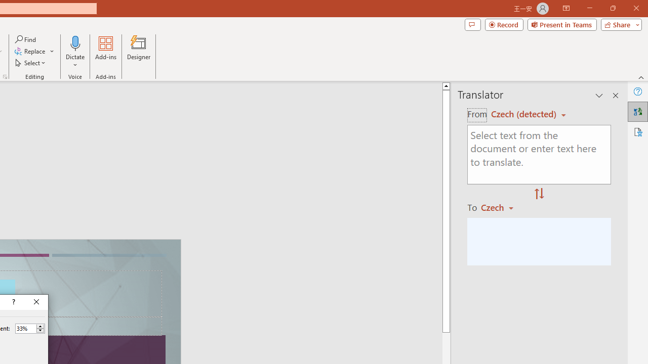 The width and height of the screenshot is (648, 364). I want to click on 'Czech (detected)', so click(525, 114).